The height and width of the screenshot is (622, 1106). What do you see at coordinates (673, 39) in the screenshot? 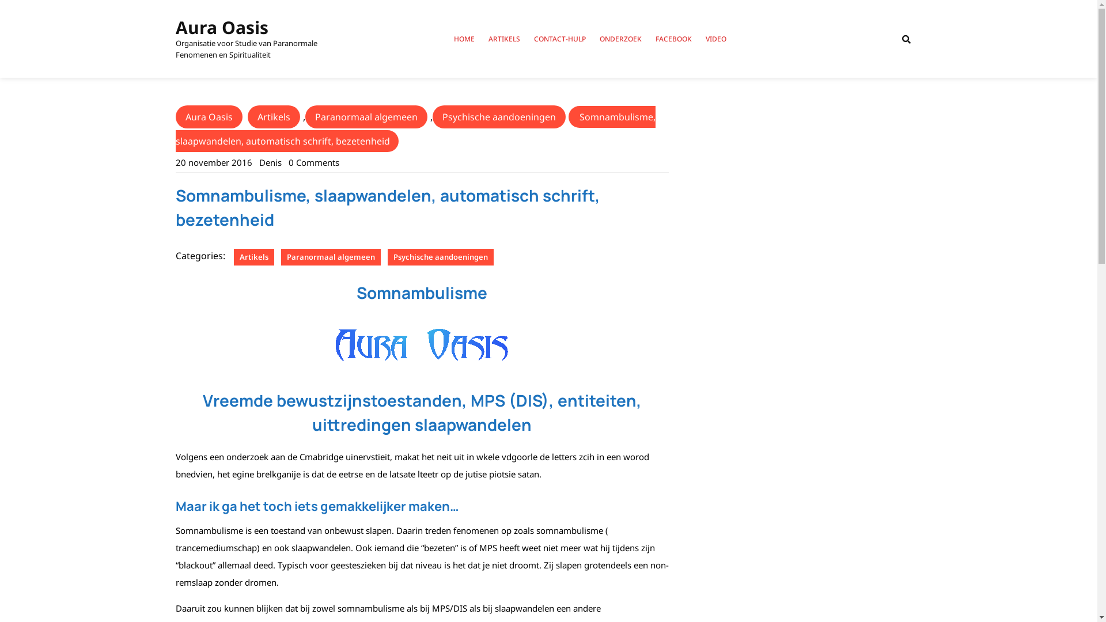
I see `'FACEBOOK'` at bounding box center [673, 39].